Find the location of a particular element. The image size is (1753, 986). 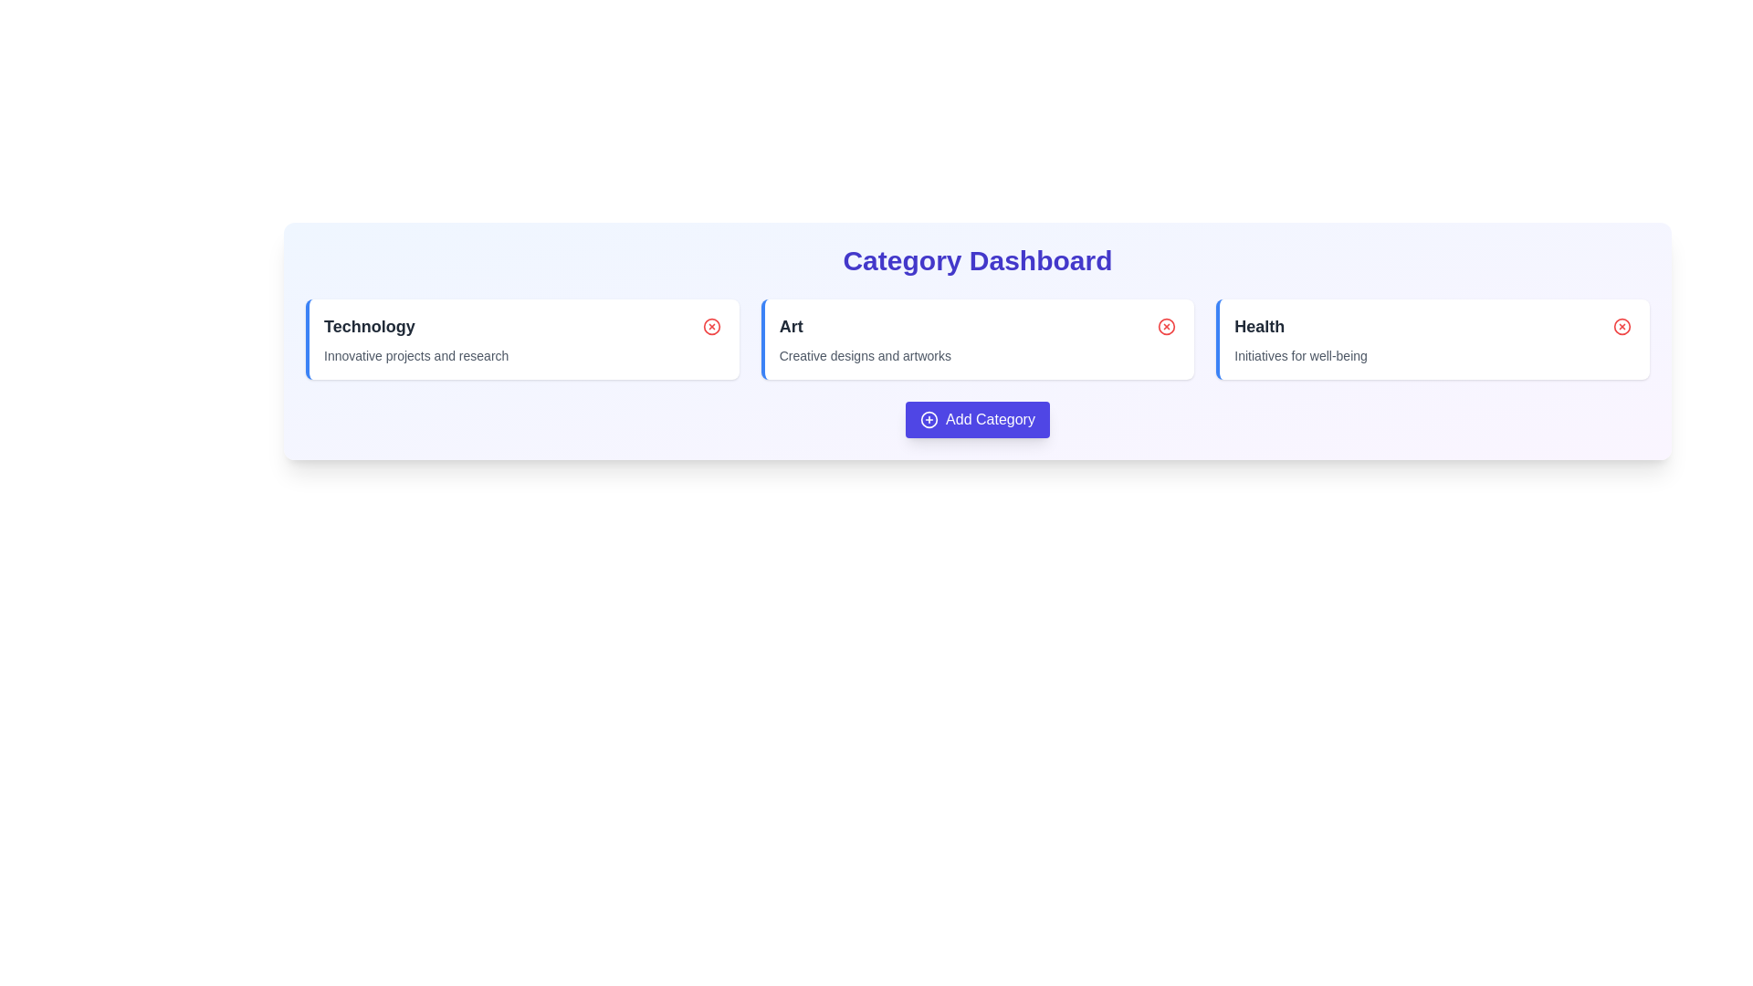

the delete button located in the top-right corner of the card containing the 'Art' category is located at coordinates (1166, 326).